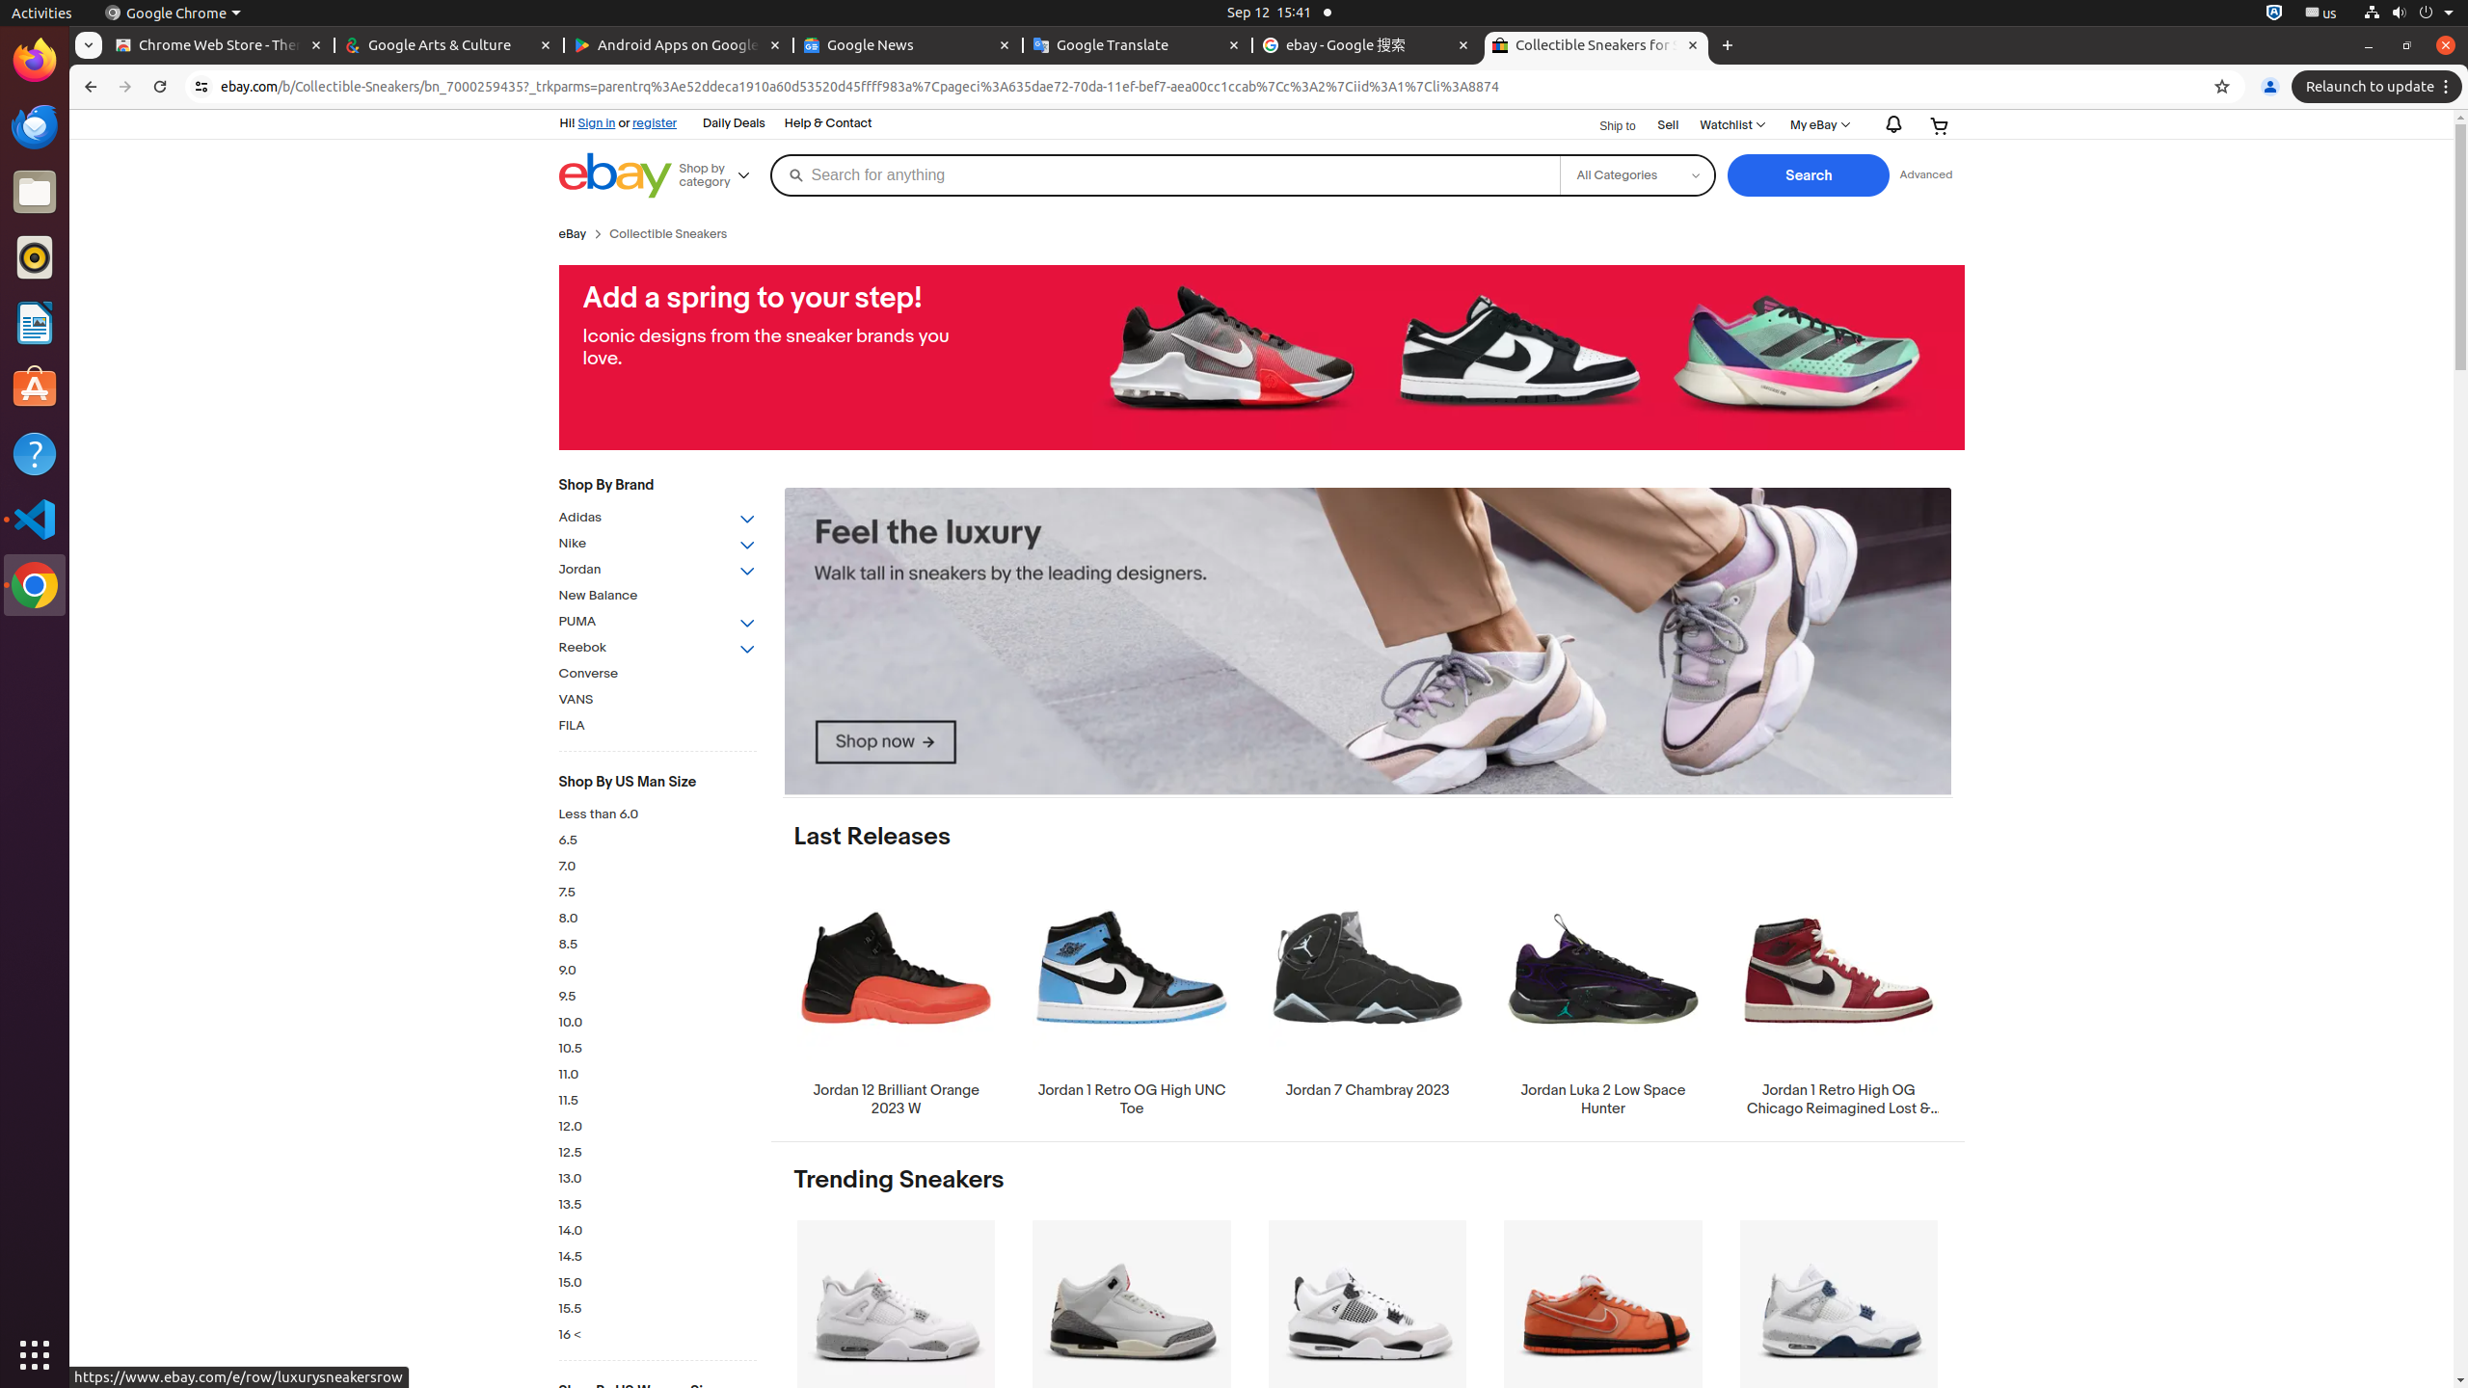 This screenshot has width=2468, height=1388. What do you see at coordinates (447, 44) in the screenshot?
I see `'Google Arts & Culture - Memory usage - 58.2 MB'` at bounding box center [447, 44].